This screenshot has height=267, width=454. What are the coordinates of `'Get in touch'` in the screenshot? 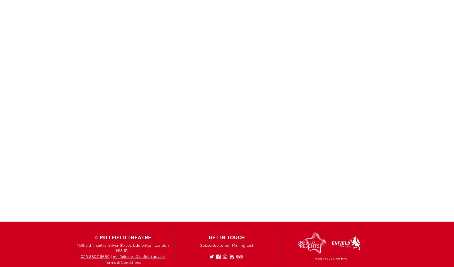 It's located at (226, 237).